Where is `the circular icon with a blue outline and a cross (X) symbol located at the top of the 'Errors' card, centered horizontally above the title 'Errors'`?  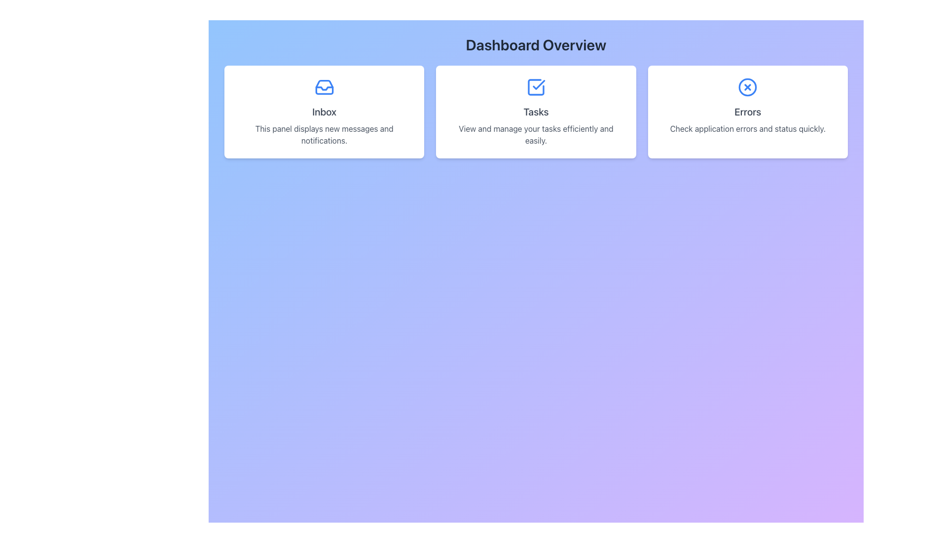 the circular icon with a blue outline and a cross (X) symbol located at the top of the 'Errors' card, centered horizontally above the title 'Errors' is located at coordinates (748, 87).